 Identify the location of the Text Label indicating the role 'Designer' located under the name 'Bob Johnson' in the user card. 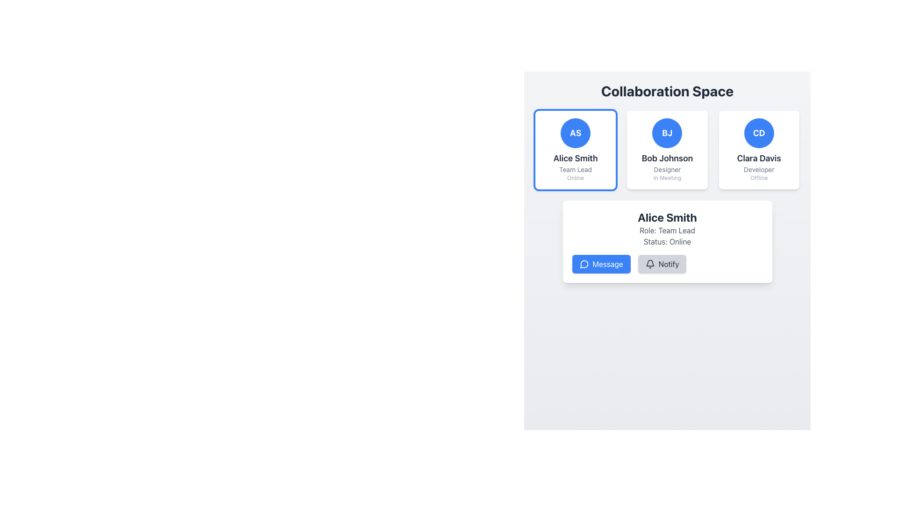
(667, 169).